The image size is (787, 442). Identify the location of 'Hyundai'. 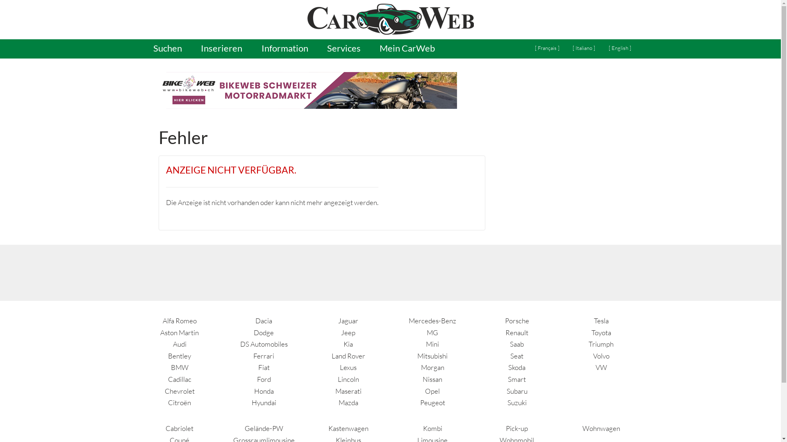
(264, 402).